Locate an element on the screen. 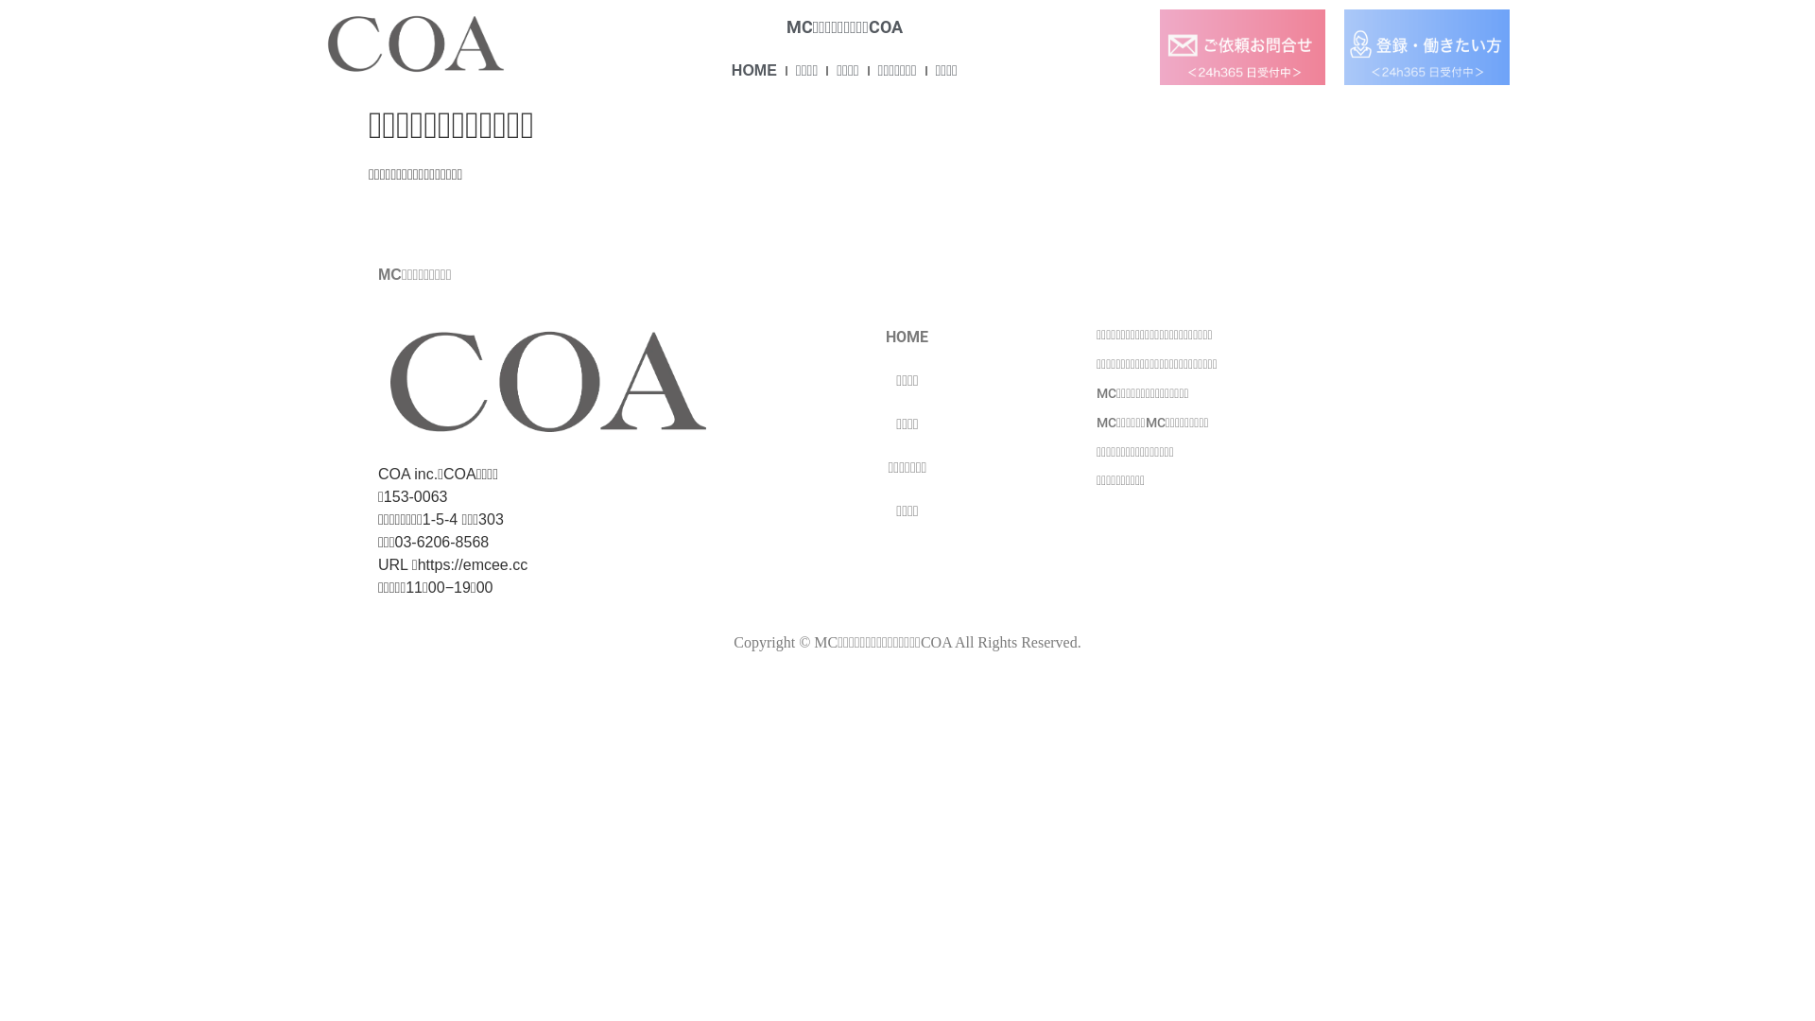  'HOME' is located at coordinates (730, 69).